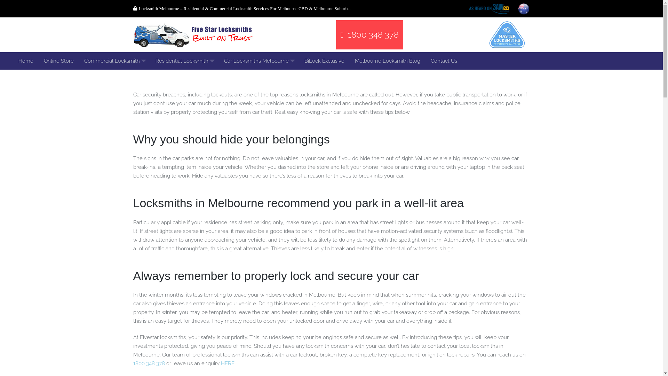 The height and width of the screenshot is (376, 668). Describe the element at coordinates (324, 60) in the screenshot. I see `'BiLock Exclusive'` at that location.